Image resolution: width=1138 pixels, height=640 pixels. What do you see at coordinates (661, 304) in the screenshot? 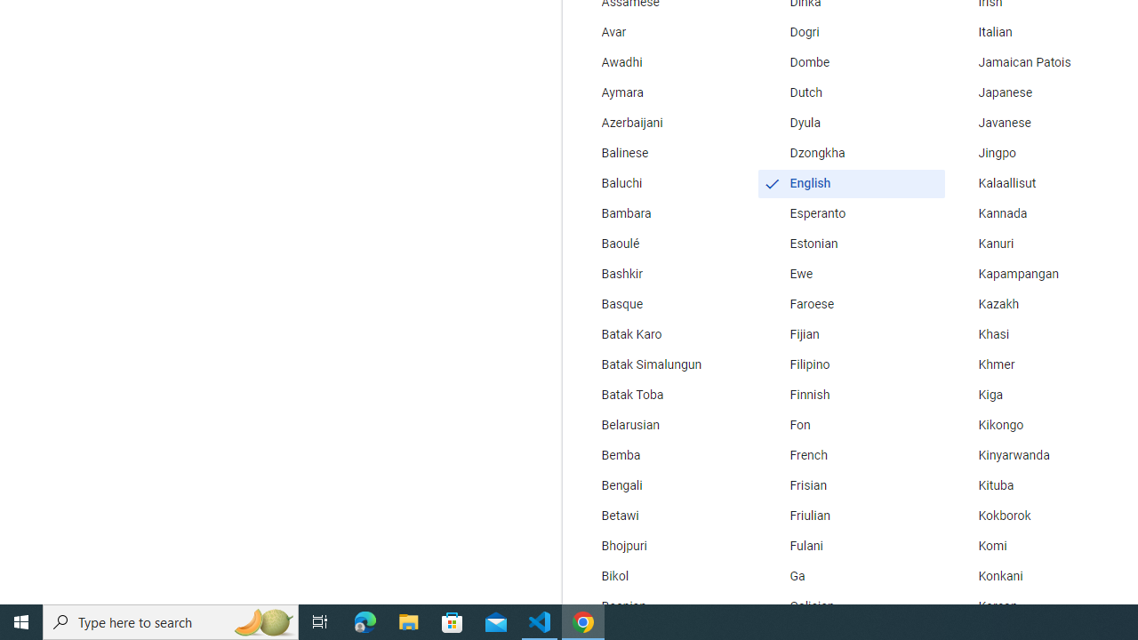
I see `'Basque'` at bounding box center [661, 304].